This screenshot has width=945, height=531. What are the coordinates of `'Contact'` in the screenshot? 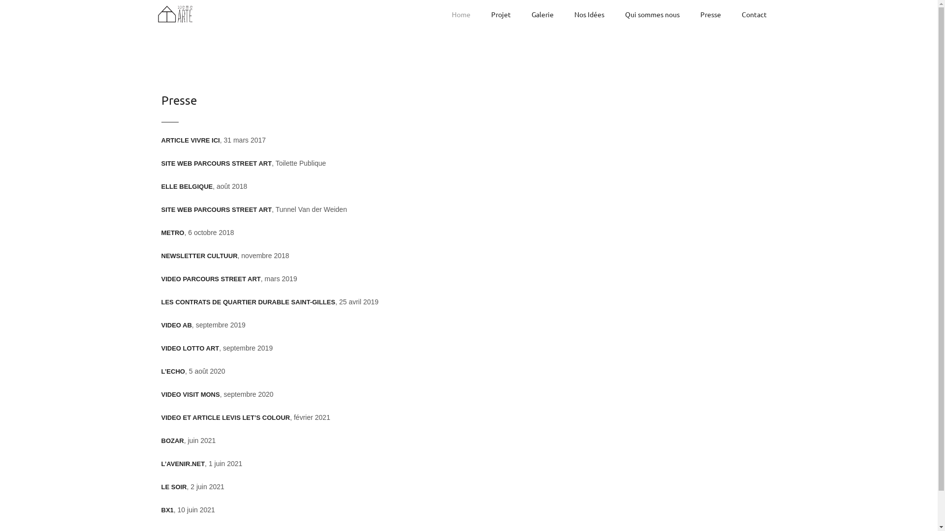 It's located at (753, 14).